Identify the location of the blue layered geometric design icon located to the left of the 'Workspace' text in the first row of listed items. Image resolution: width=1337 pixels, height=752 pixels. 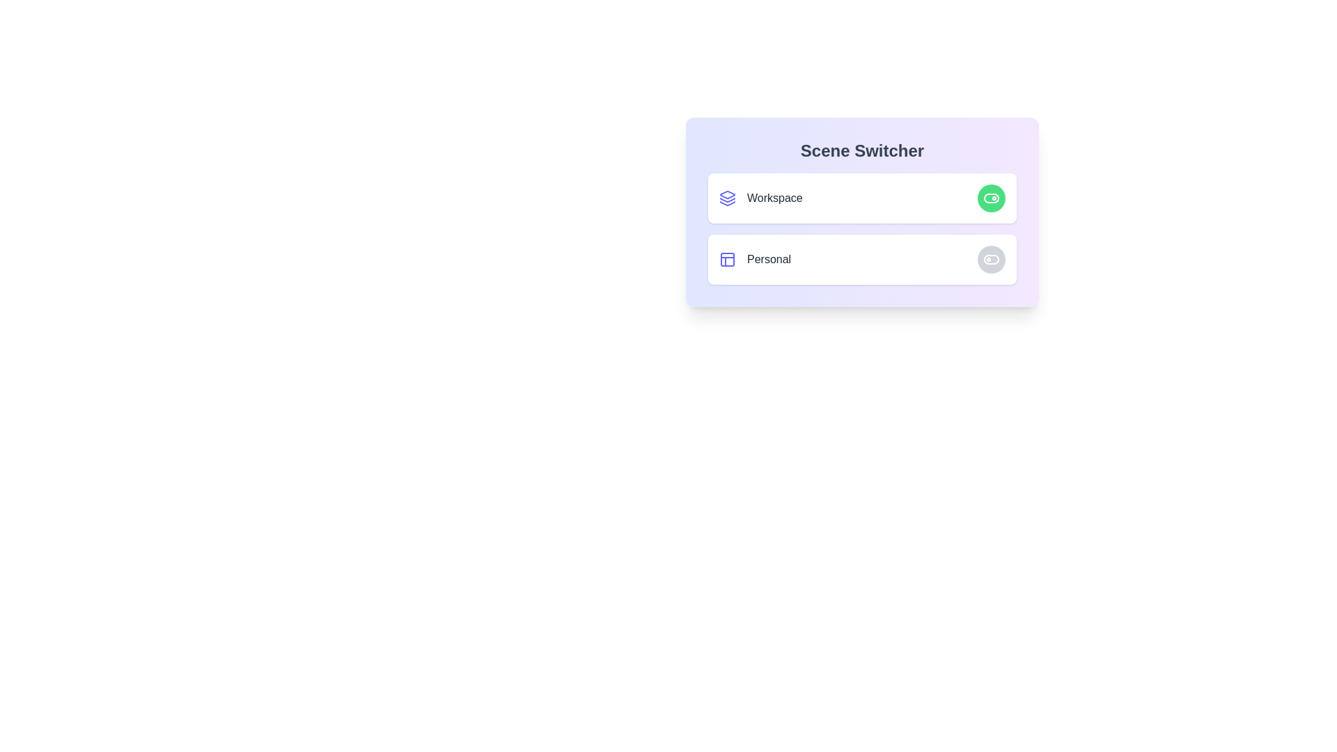
(727, 198).